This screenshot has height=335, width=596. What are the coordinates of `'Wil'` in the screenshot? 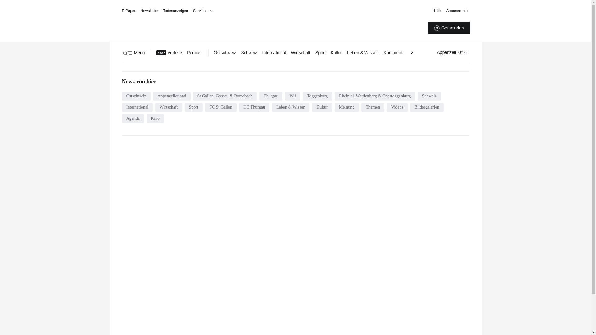 It's located at (292, 96).